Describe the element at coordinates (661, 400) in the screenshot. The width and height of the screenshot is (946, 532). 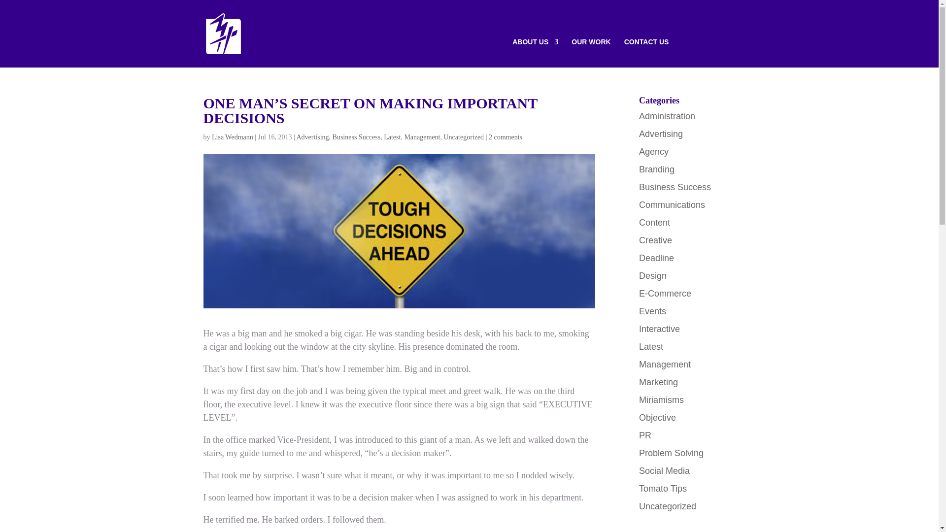
I see `'Miriamisms'` at that location.